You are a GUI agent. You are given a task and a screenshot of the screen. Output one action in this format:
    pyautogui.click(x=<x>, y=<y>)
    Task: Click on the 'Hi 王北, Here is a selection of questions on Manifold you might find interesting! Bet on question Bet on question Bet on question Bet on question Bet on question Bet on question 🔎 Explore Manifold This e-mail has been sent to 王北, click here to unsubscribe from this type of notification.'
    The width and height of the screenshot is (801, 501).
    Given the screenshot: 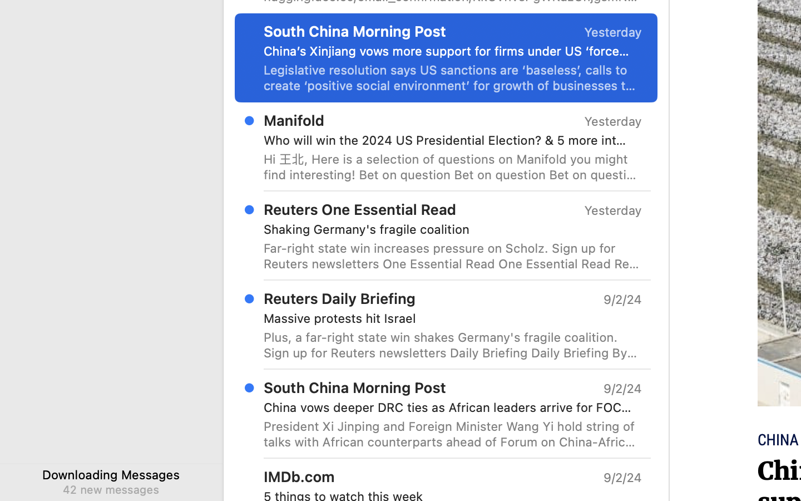 What is the action you would take?
    pyautogui.click(x=453, y=166)
    